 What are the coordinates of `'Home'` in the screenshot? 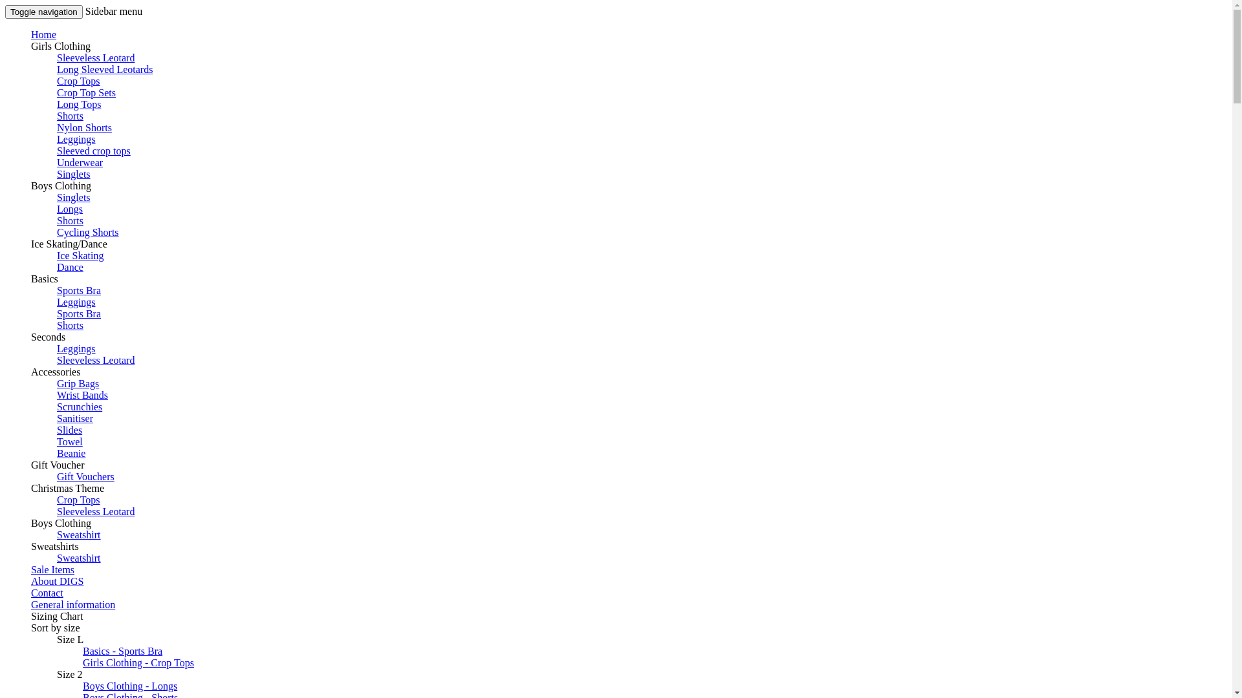 It's located at (43, 34).